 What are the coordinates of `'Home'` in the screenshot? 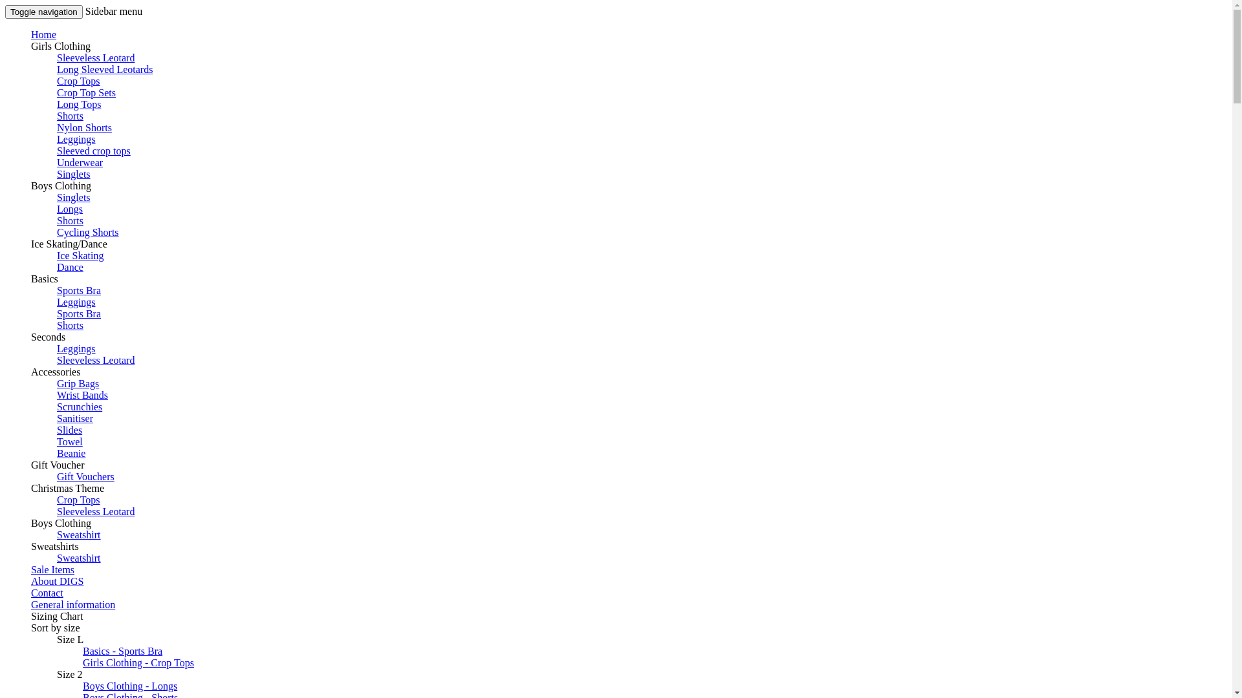 It's located at (43, 34).